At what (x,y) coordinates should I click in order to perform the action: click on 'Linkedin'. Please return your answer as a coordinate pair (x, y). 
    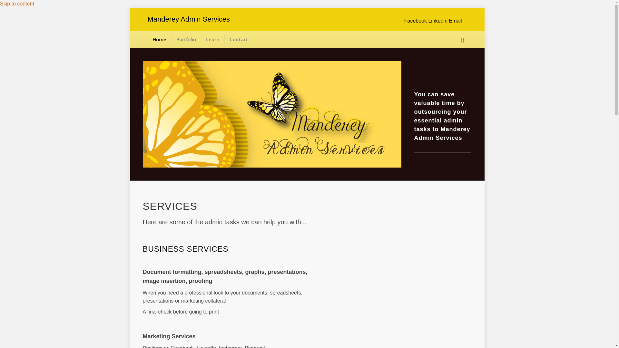
    Looking at the image, I should click on (438, 20).